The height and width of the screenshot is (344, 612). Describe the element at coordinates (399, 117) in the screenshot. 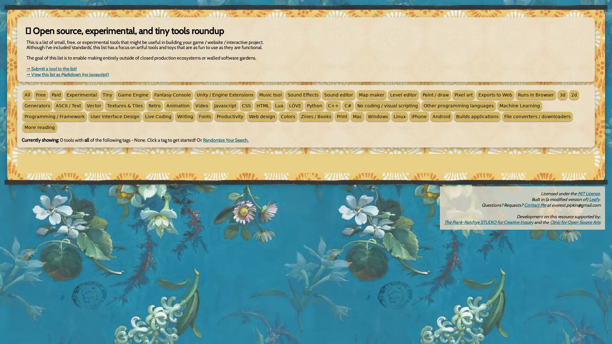

I see `Linux` at that location.